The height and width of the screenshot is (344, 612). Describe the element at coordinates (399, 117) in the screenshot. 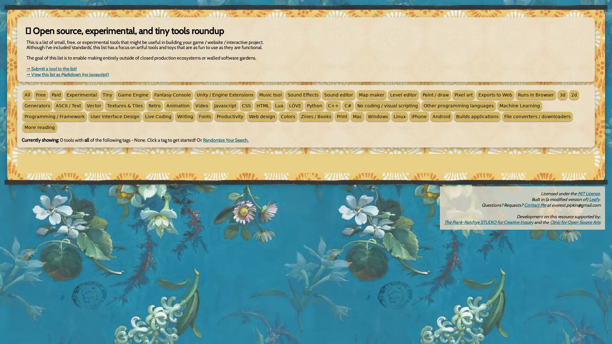

I see `Linux` at that location.